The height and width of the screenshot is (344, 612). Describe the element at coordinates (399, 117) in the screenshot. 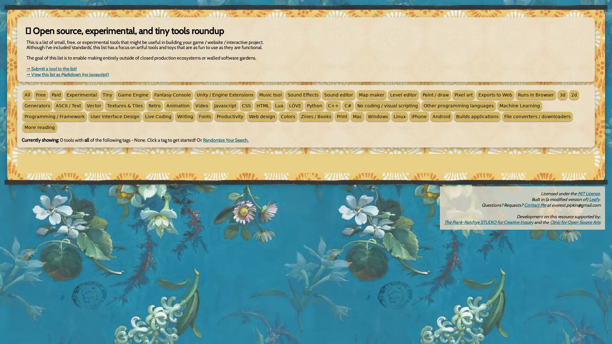

I see `Linux` at that location.